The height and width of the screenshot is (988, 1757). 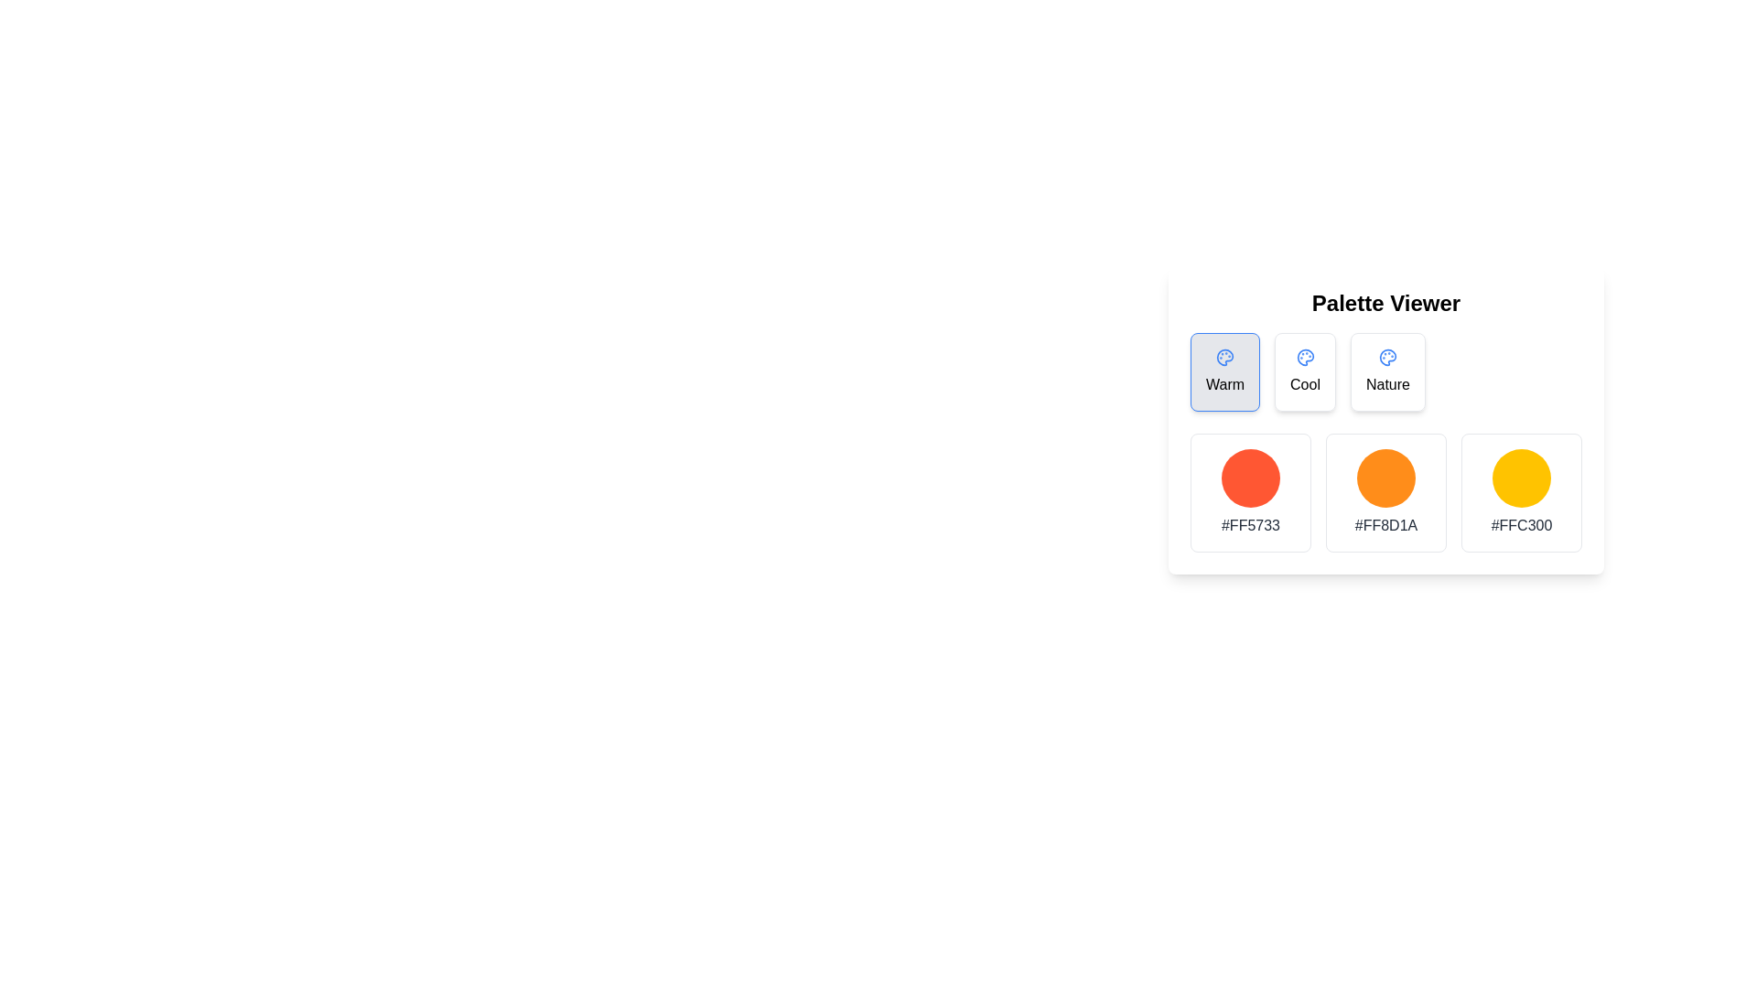 What do you see at coordinates (1386, 302) in the screenshot?
I see `text label stating 'Palette Viewer' located at the top of the color palette options panel to understand the section's purpose` at bounding box center [1386, 302].